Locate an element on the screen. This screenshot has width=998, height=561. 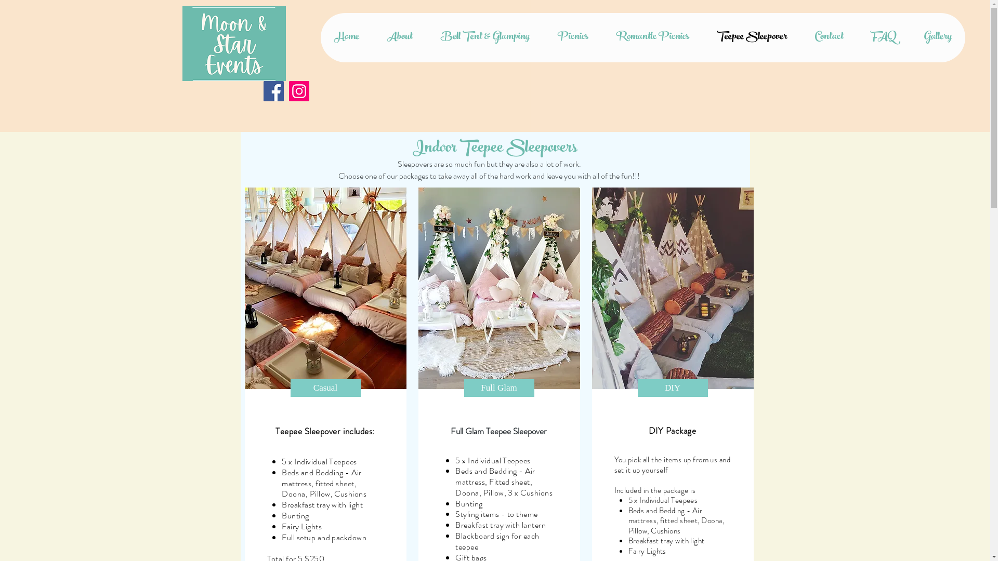
'About' is located at coordinates (372, 37).